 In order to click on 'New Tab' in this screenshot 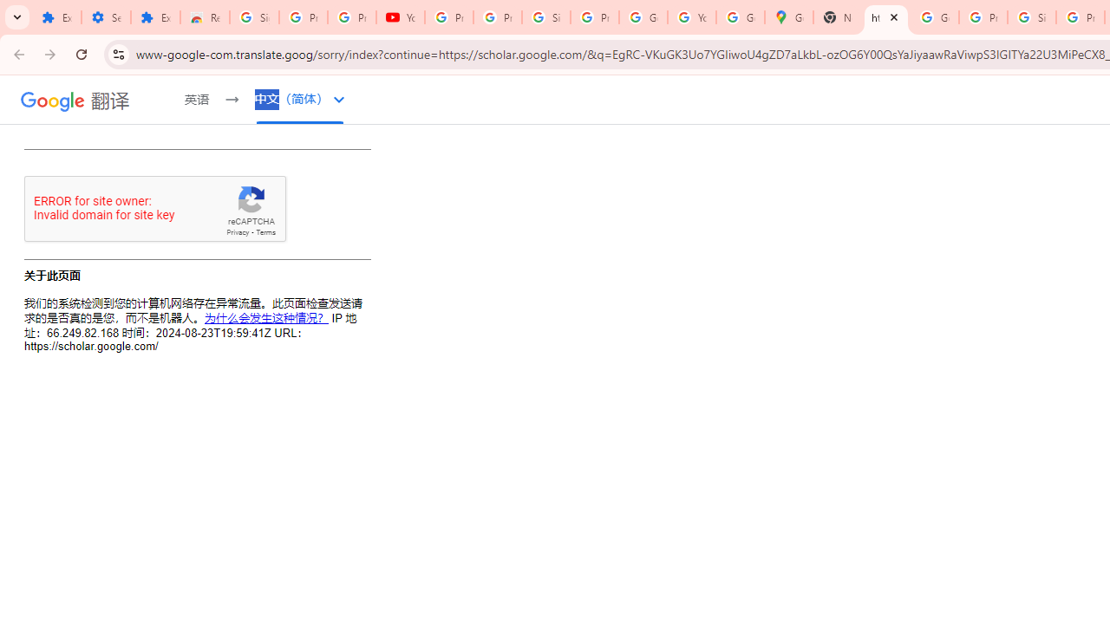, I will do `click(838, 17)`.